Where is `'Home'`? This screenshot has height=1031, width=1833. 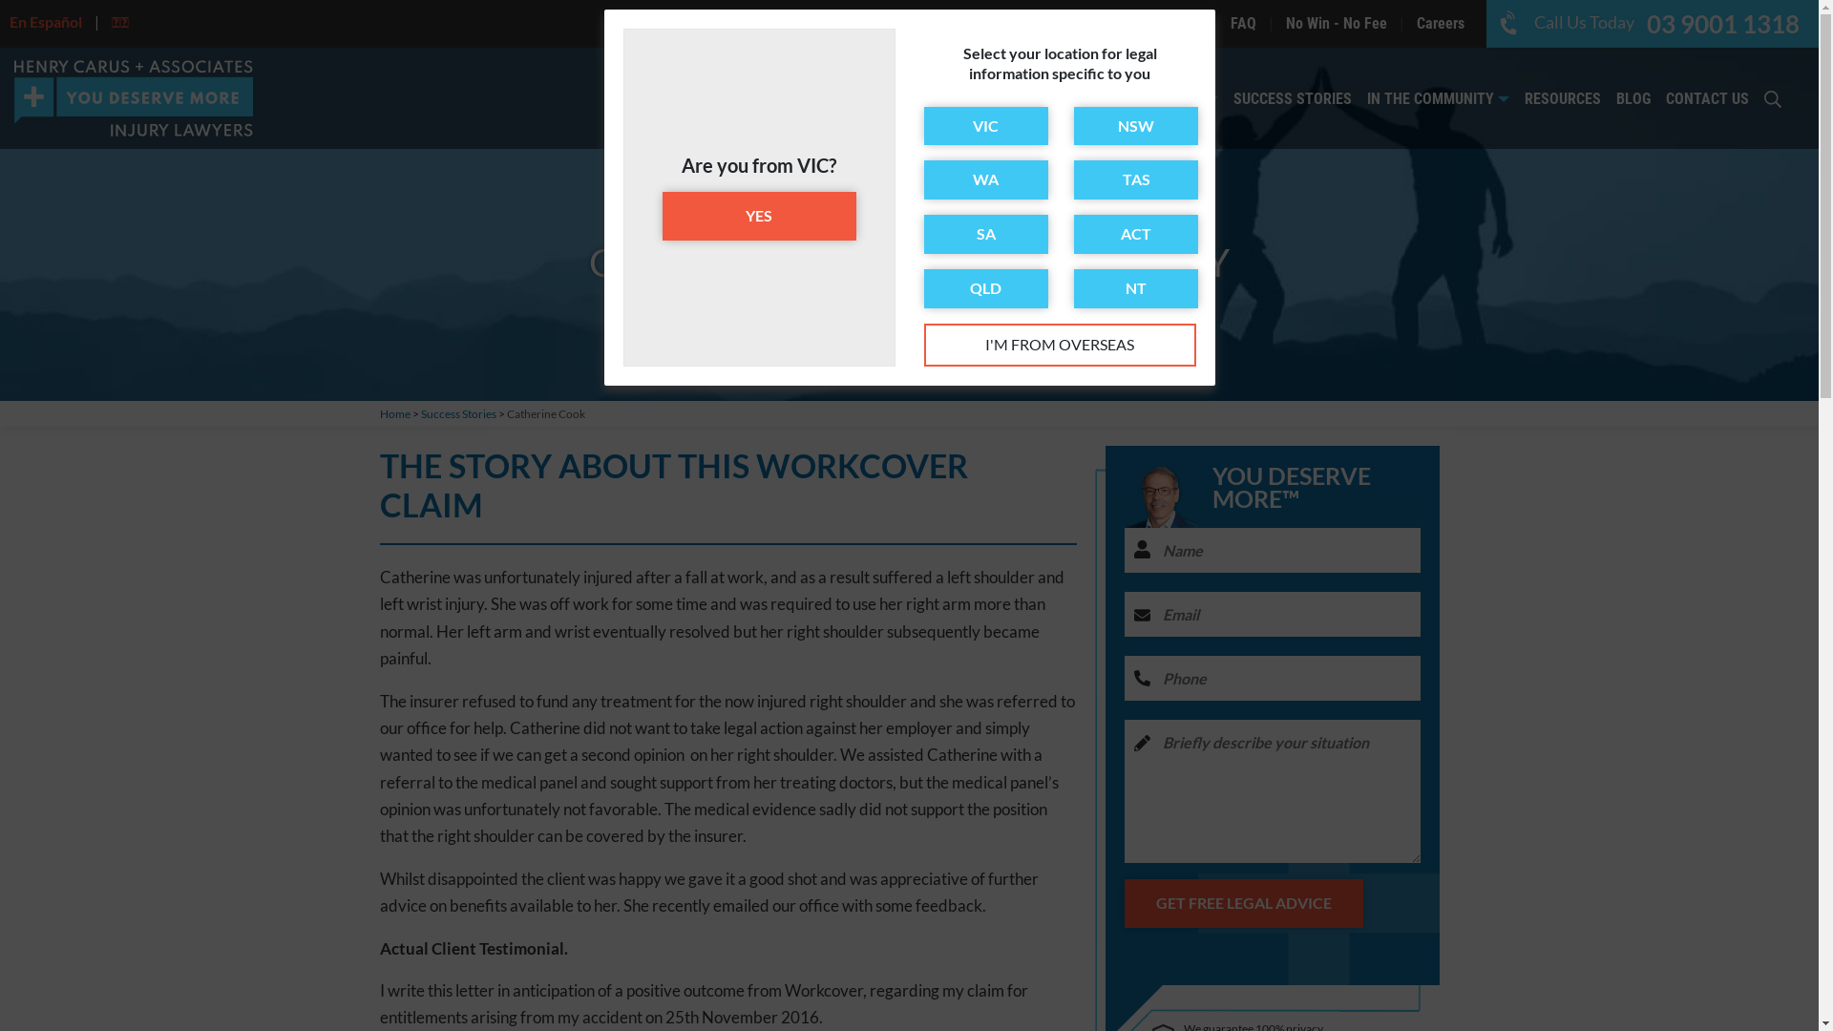 'Home' is located at coordinates (380, 412).